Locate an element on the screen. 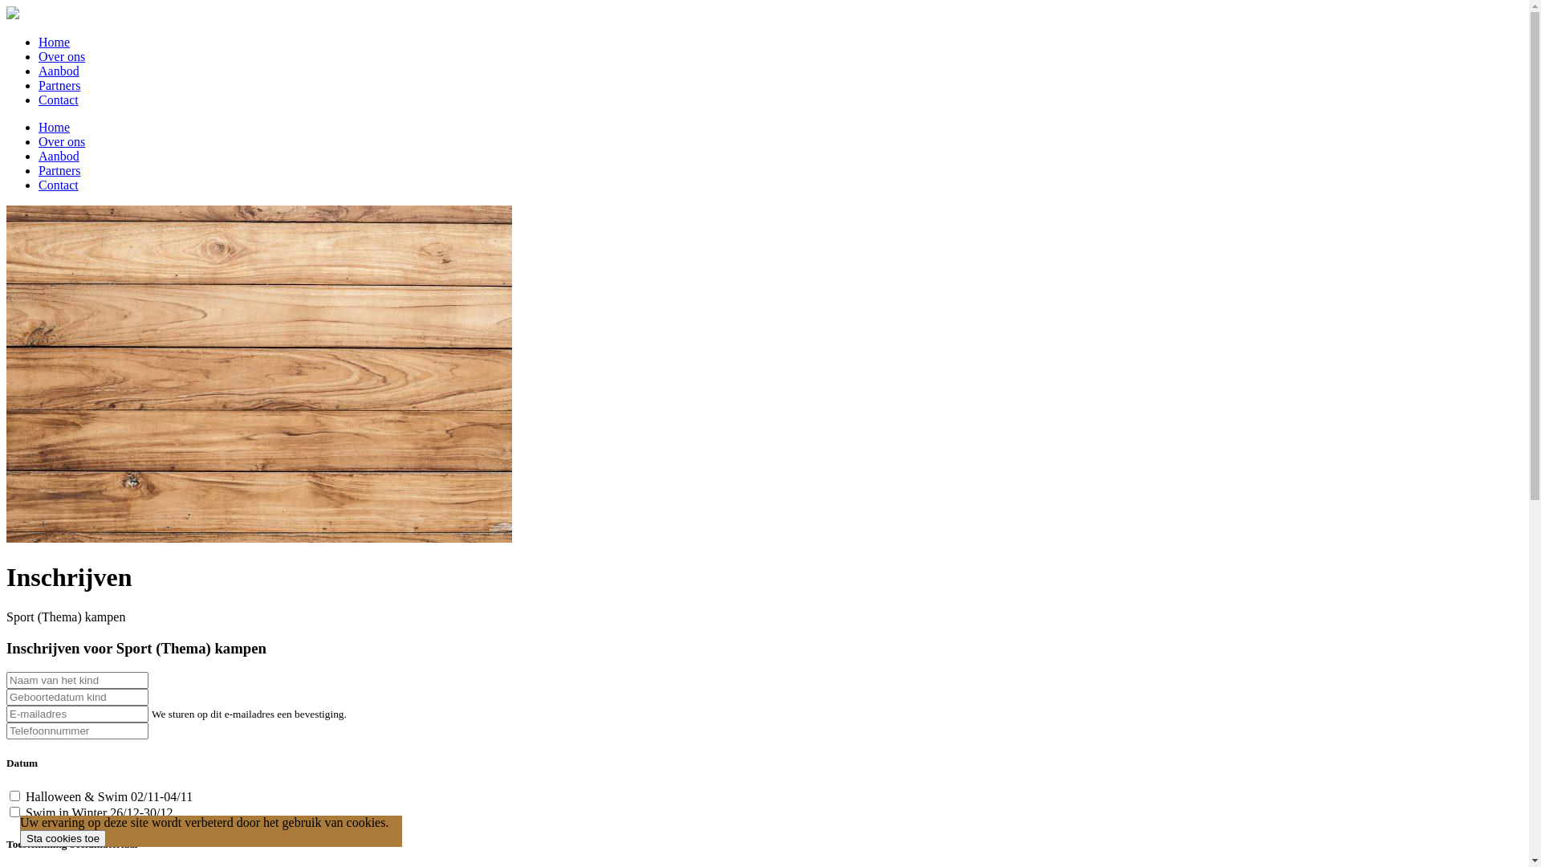 This screenshot has width=1541, height=867. 'Over ons' is located at coordinates (61, 55).